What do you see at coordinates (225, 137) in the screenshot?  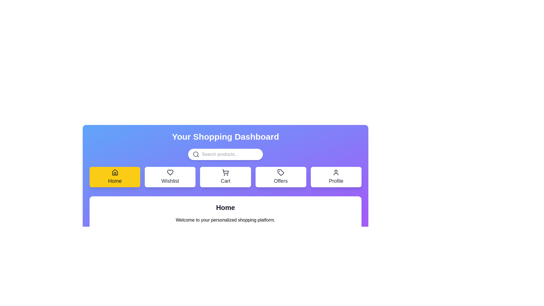 I see `the Text Label displaying 'Your Shopping Dashboard' located at the top center of the interface, which is in bold white font against a gradient background` at bounding box center [225, 137].